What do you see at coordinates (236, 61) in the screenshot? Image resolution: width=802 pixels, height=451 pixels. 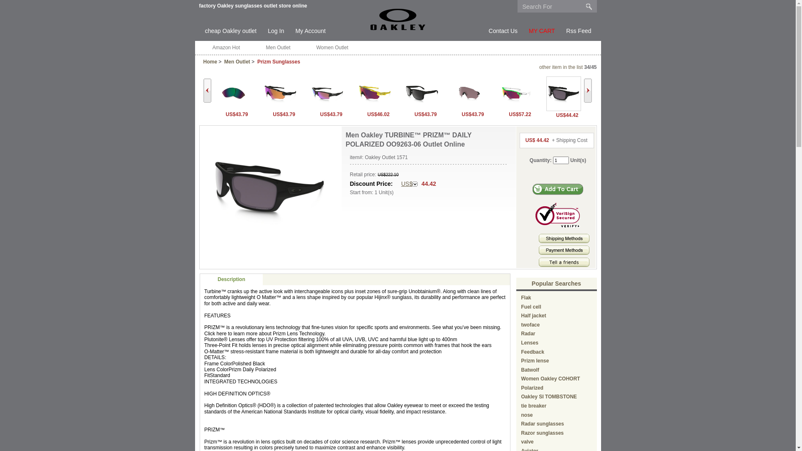 I see `'Men Outlet'` at bounding box center [236, 61].